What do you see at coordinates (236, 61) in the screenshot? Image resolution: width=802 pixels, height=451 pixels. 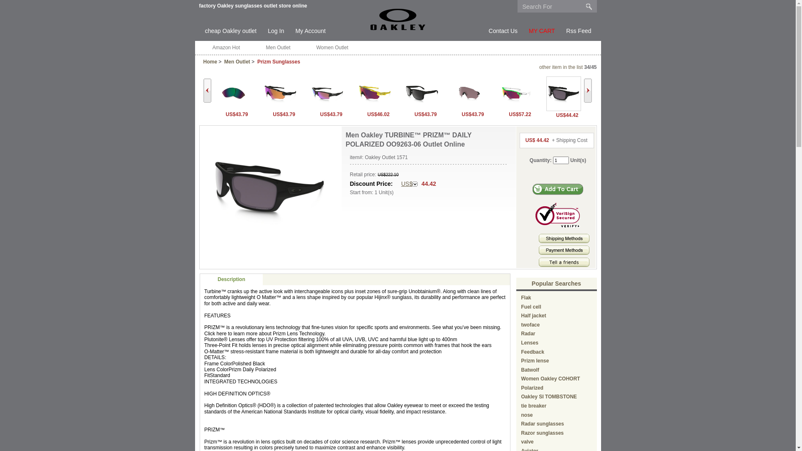 I see `'Men Outlet'` at bounding box center [236, 61].